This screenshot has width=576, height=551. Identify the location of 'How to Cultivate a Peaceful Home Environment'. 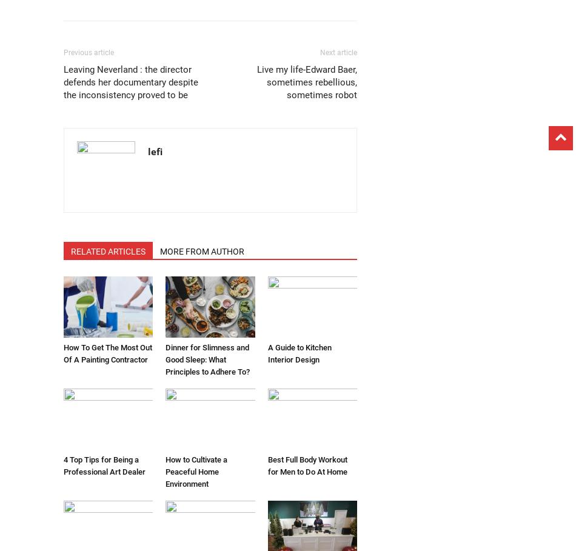
(165, 471).